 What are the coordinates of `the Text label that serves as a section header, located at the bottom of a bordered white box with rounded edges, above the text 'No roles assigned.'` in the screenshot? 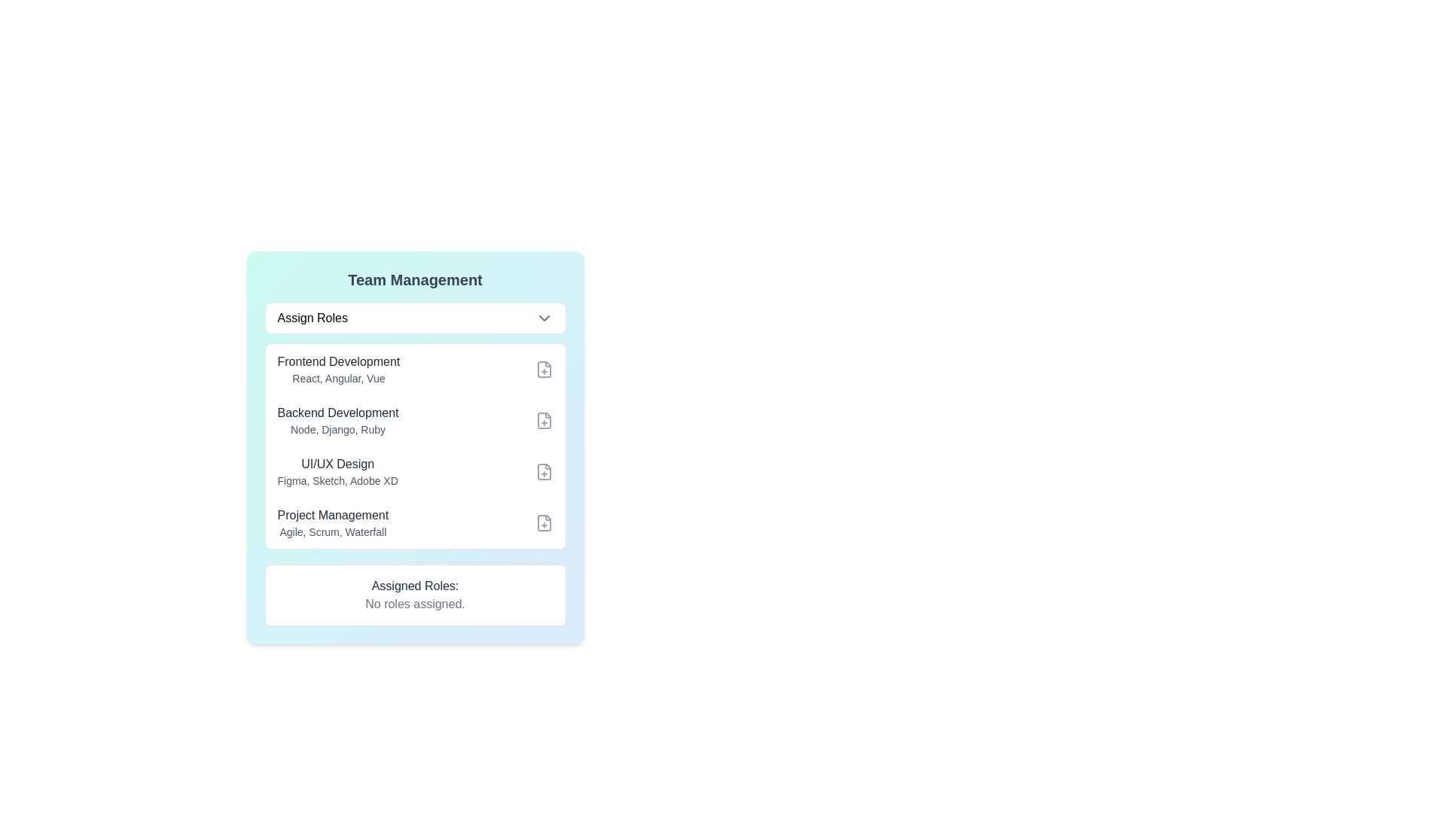 It's located at (415, 586).